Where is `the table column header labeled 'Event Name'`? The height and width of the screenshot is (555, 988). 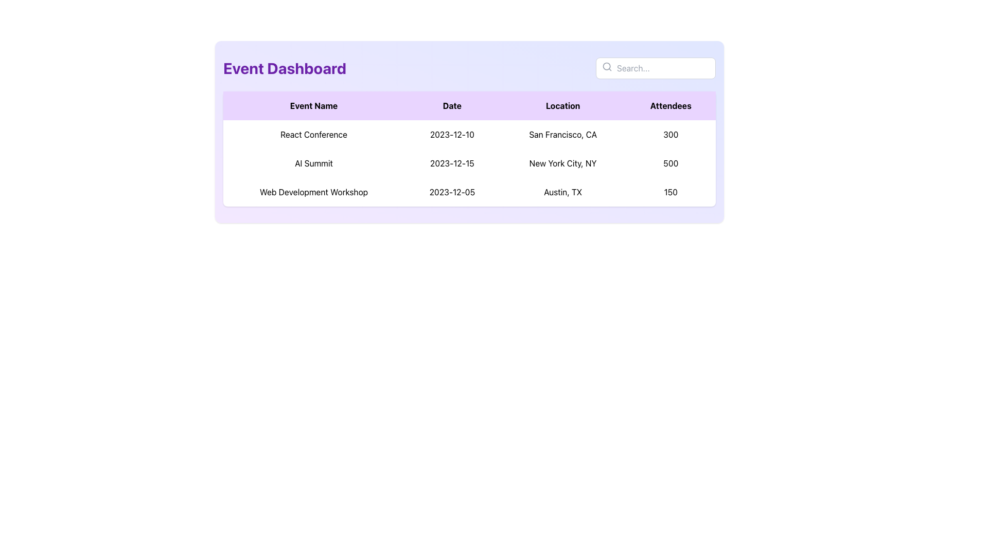 the table column header labeled 'Event Name' is located at coordinates (313, 105).